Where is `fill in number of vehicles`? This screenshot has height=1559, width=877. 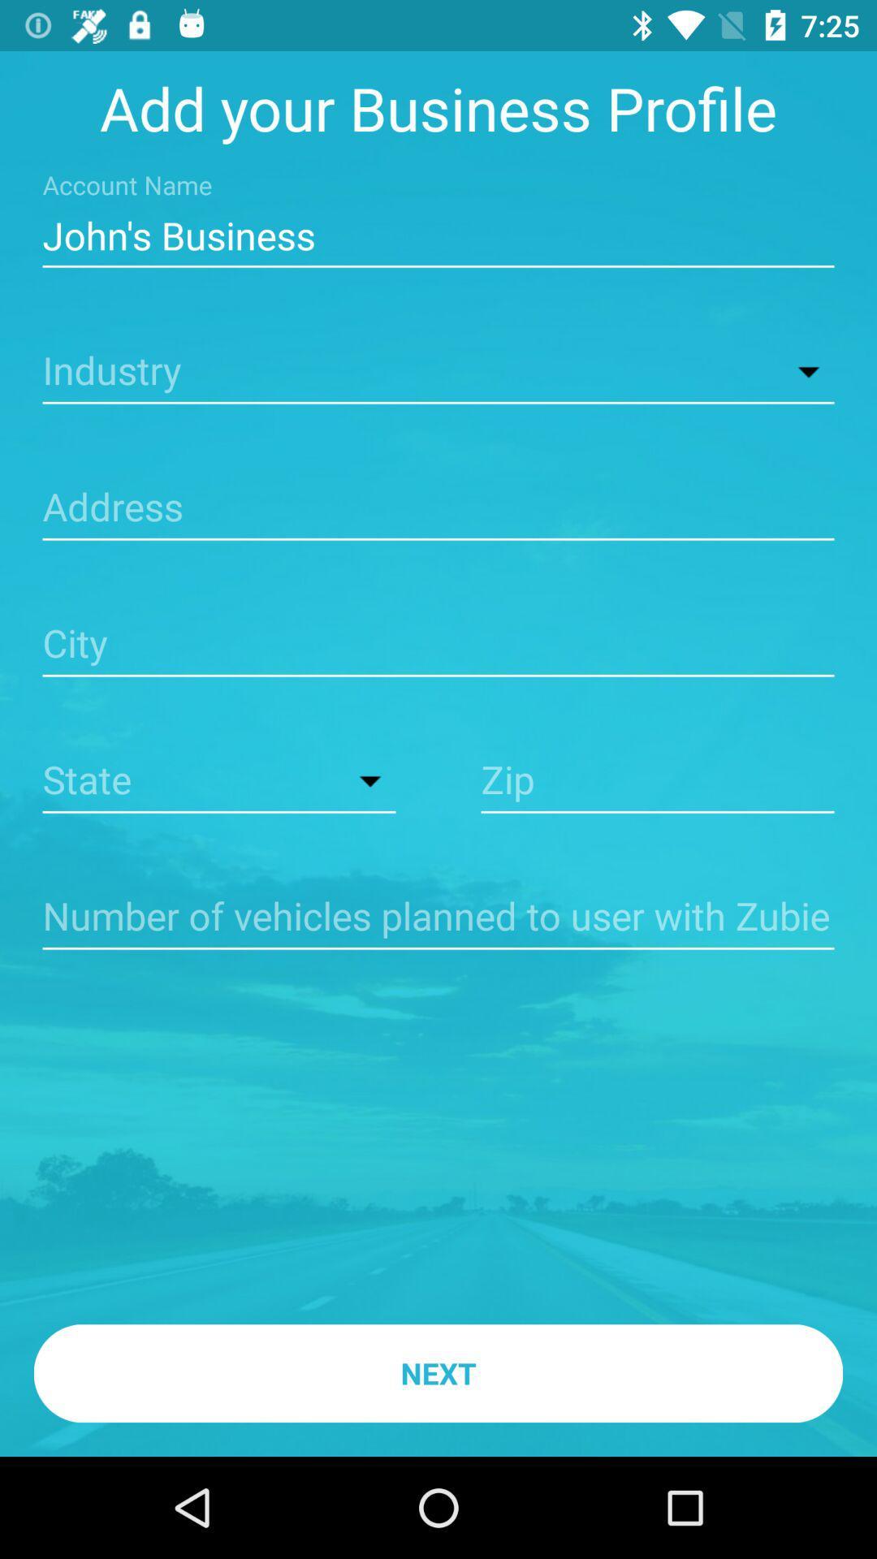 fill in number of vehicles is located at coordinates (438, 918).